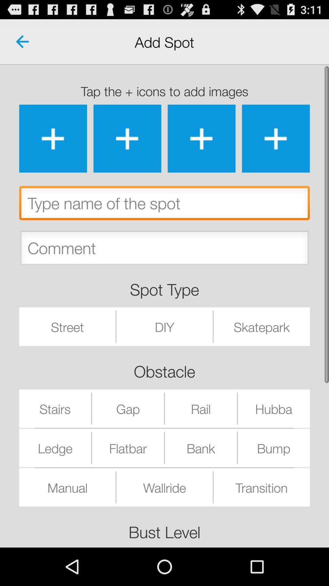 The height and width of the screenshot is (586, 329). Describe the element at coordinates (127, 138) in the screenshot. I see `images` at that location.